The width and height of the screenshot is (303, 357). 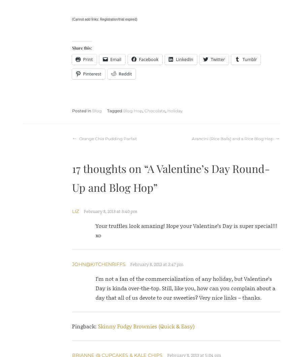 I want to click on 'Tumblr', so click(x=249, y=59).